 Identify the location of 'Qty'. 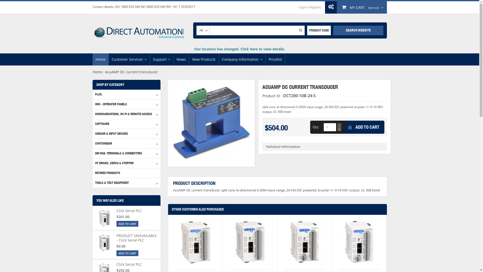
(330, 127).